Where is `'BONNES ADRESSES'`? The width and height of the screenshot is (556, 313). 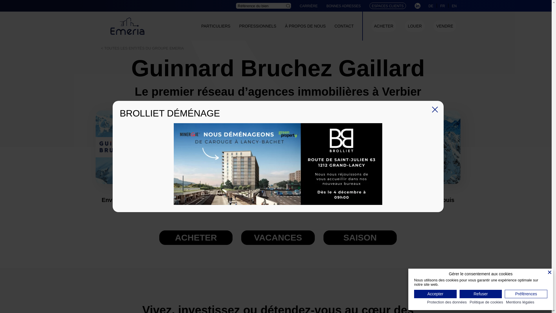
'BONNES ADRESSES' is located at coordinates (343, 6).